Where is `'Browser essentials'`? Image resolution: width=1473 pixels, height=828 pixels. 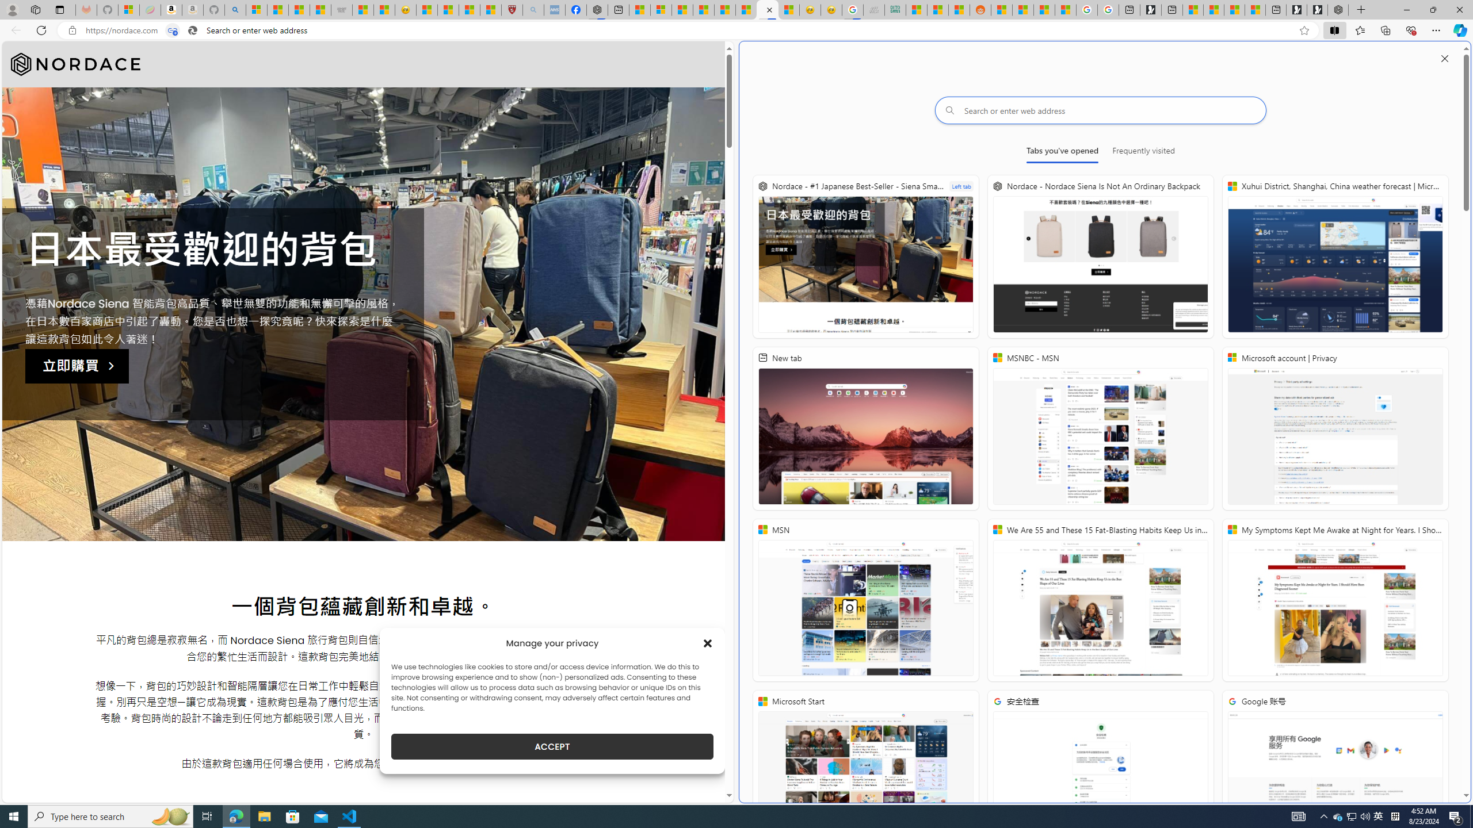 'Browser essentials' is located at coordinates (1410, 29).